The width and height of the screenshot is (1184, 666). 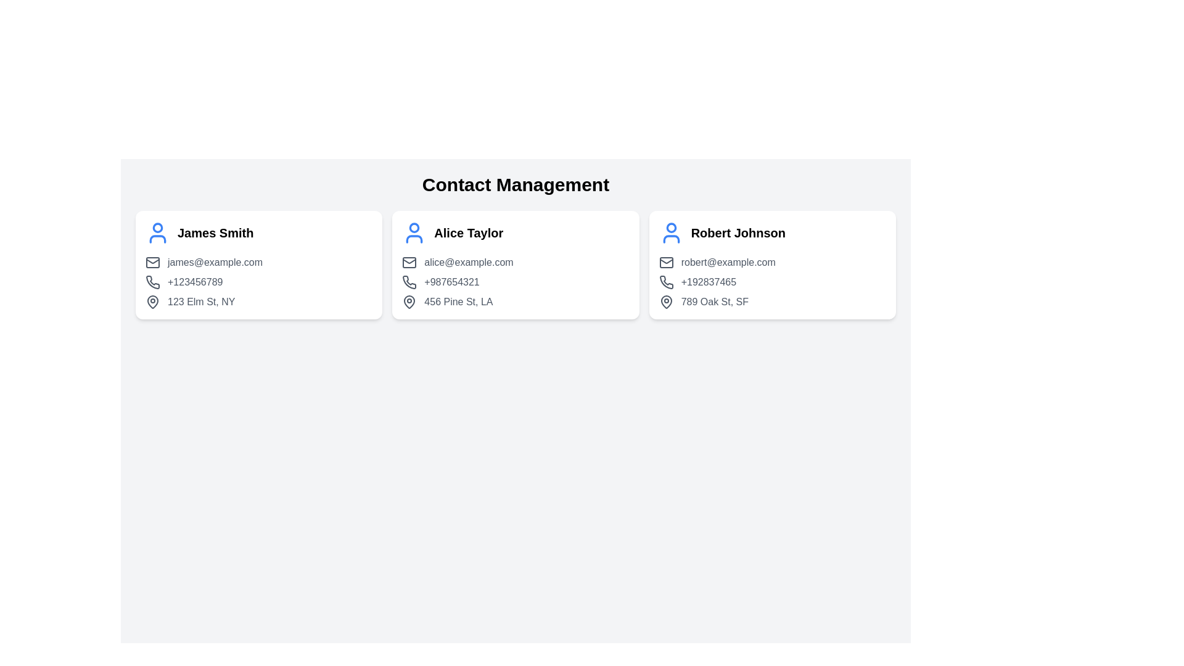 I want to click on the minimalistic black outline envelope icon associated with 'alice@example.com' as a visual reference, so click(x=409, y=261).